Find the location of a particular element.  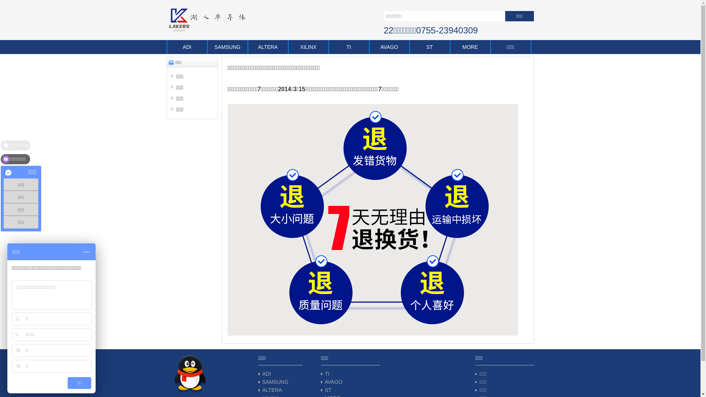

'ALTERA' is located at coordinates (247, 47).